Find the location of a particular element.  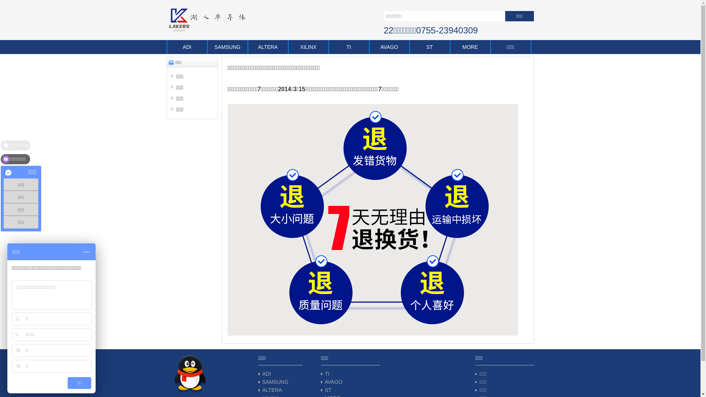

'ALTERA' is located at coordinates (247, 47).